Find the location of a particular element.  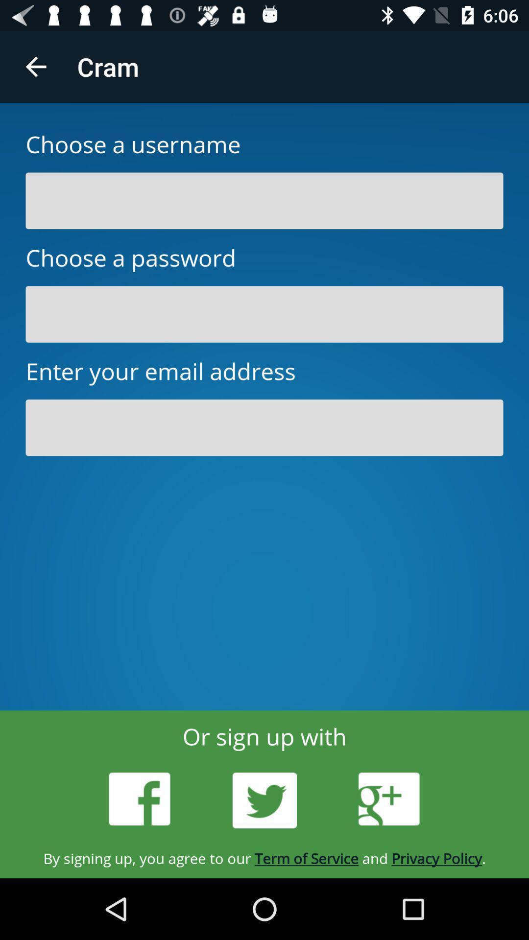

make an account is located at coordinates (264, 427).